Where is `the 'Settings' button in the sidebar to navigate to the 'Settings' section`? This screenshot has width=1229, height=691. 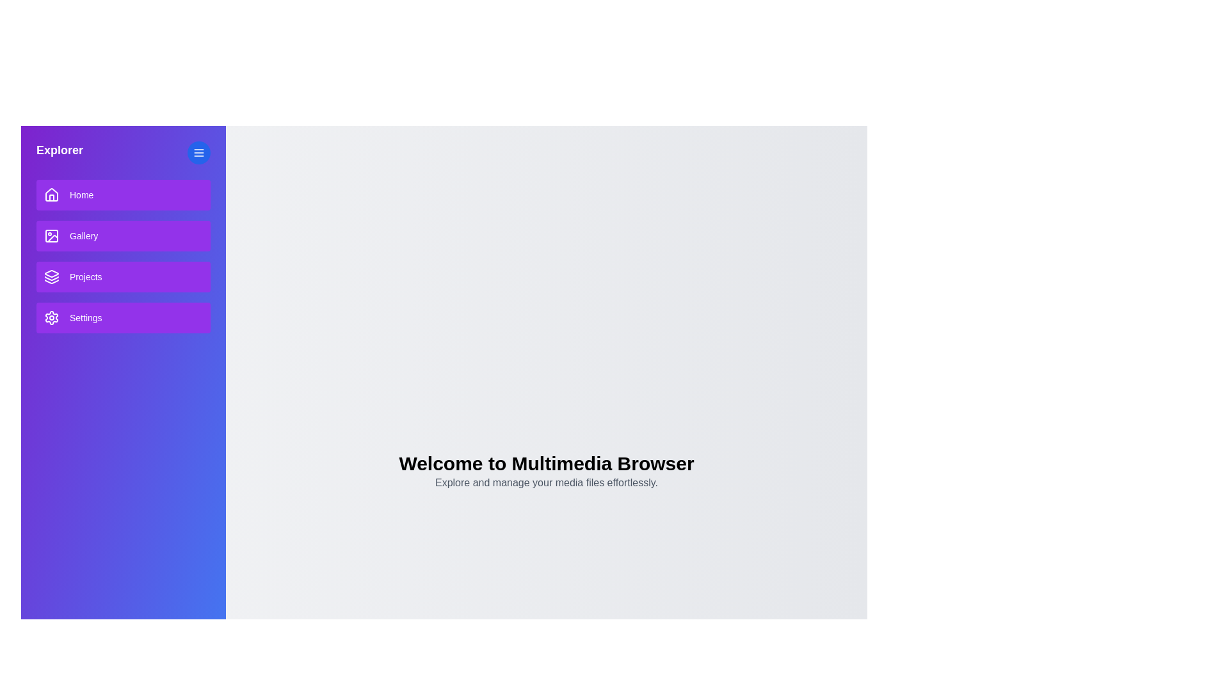 the 'Settings' button in the sidebar to navigate to the 'Settings' section is located at coordinates (123, 317).